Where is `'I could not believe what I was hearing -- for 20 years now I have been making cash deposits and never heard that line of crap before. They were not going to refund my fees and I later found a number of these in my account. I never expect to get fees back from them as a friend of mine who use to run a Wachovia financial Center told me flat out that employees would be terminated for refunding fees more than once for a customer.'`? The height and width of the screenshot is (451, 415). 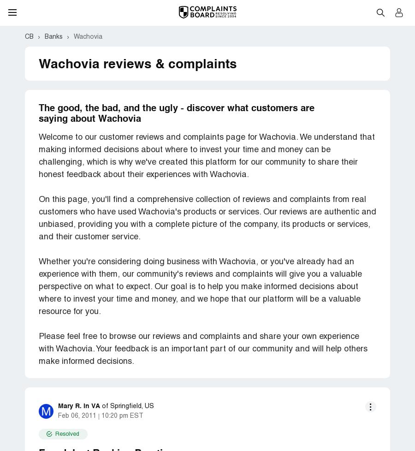
'I could not believe what I was hearing -- for 20 years now I have been making cash deposits and never heard that line of crap before. They were not going to refund my fees and I later found a number of these in my account. I never expect to get fees back from them as a friend of mine who use to run a Wachovia financial Center told me flat out that employees would be terminated for refunding fees more than once for a customer.' is located at coordinates (206, 139).